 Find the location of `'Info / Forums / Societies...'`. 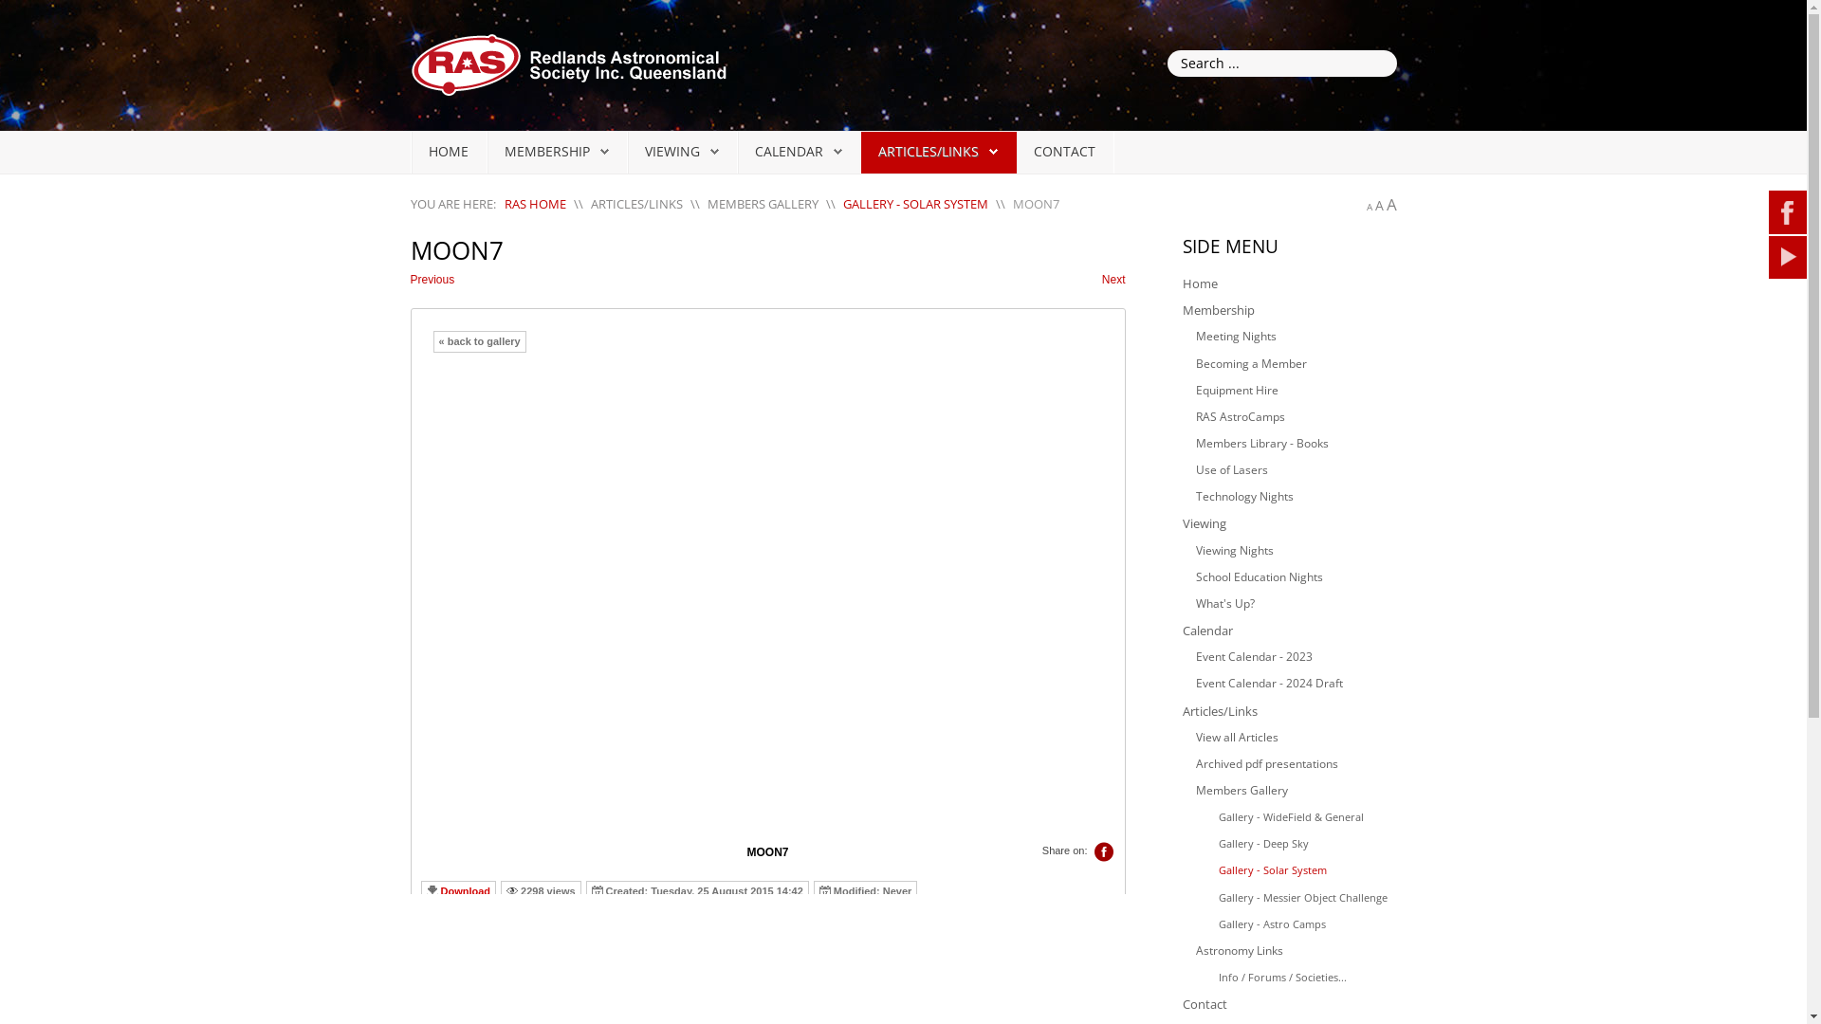

'Info / Forums / Societies...' is located at coordinates (1300, 977).